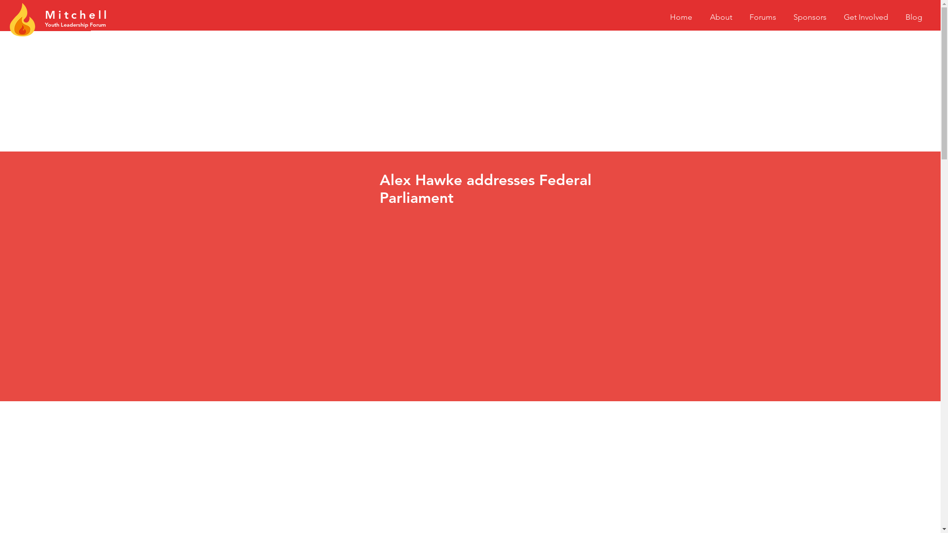  I want to click on 'Home', so click(680, 17).